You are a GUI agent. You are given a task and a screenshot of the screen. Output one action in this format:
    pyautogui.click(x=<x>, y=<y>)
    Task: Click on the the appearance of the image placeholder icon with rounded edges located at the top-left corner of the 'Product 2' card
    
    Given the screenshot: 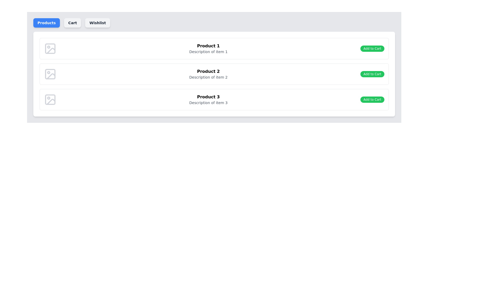 What is the action you would take?
    pyautogui.click(x=50, y=74)
    